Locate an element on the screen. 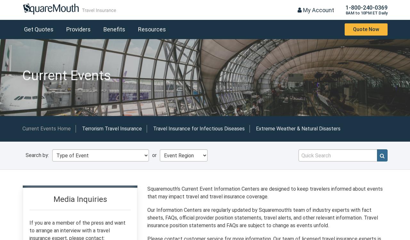 This screenshot has width=410, height=240. 'or' is located at coordinates (154, 155).